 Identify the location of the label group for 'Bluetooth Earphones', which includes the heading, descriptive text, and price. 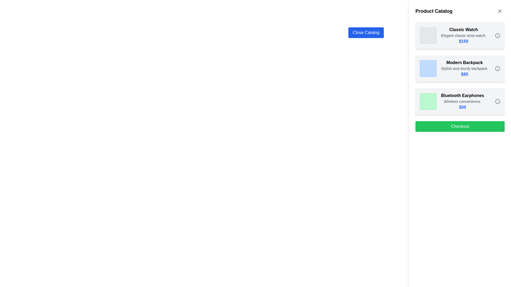
(462, 101).